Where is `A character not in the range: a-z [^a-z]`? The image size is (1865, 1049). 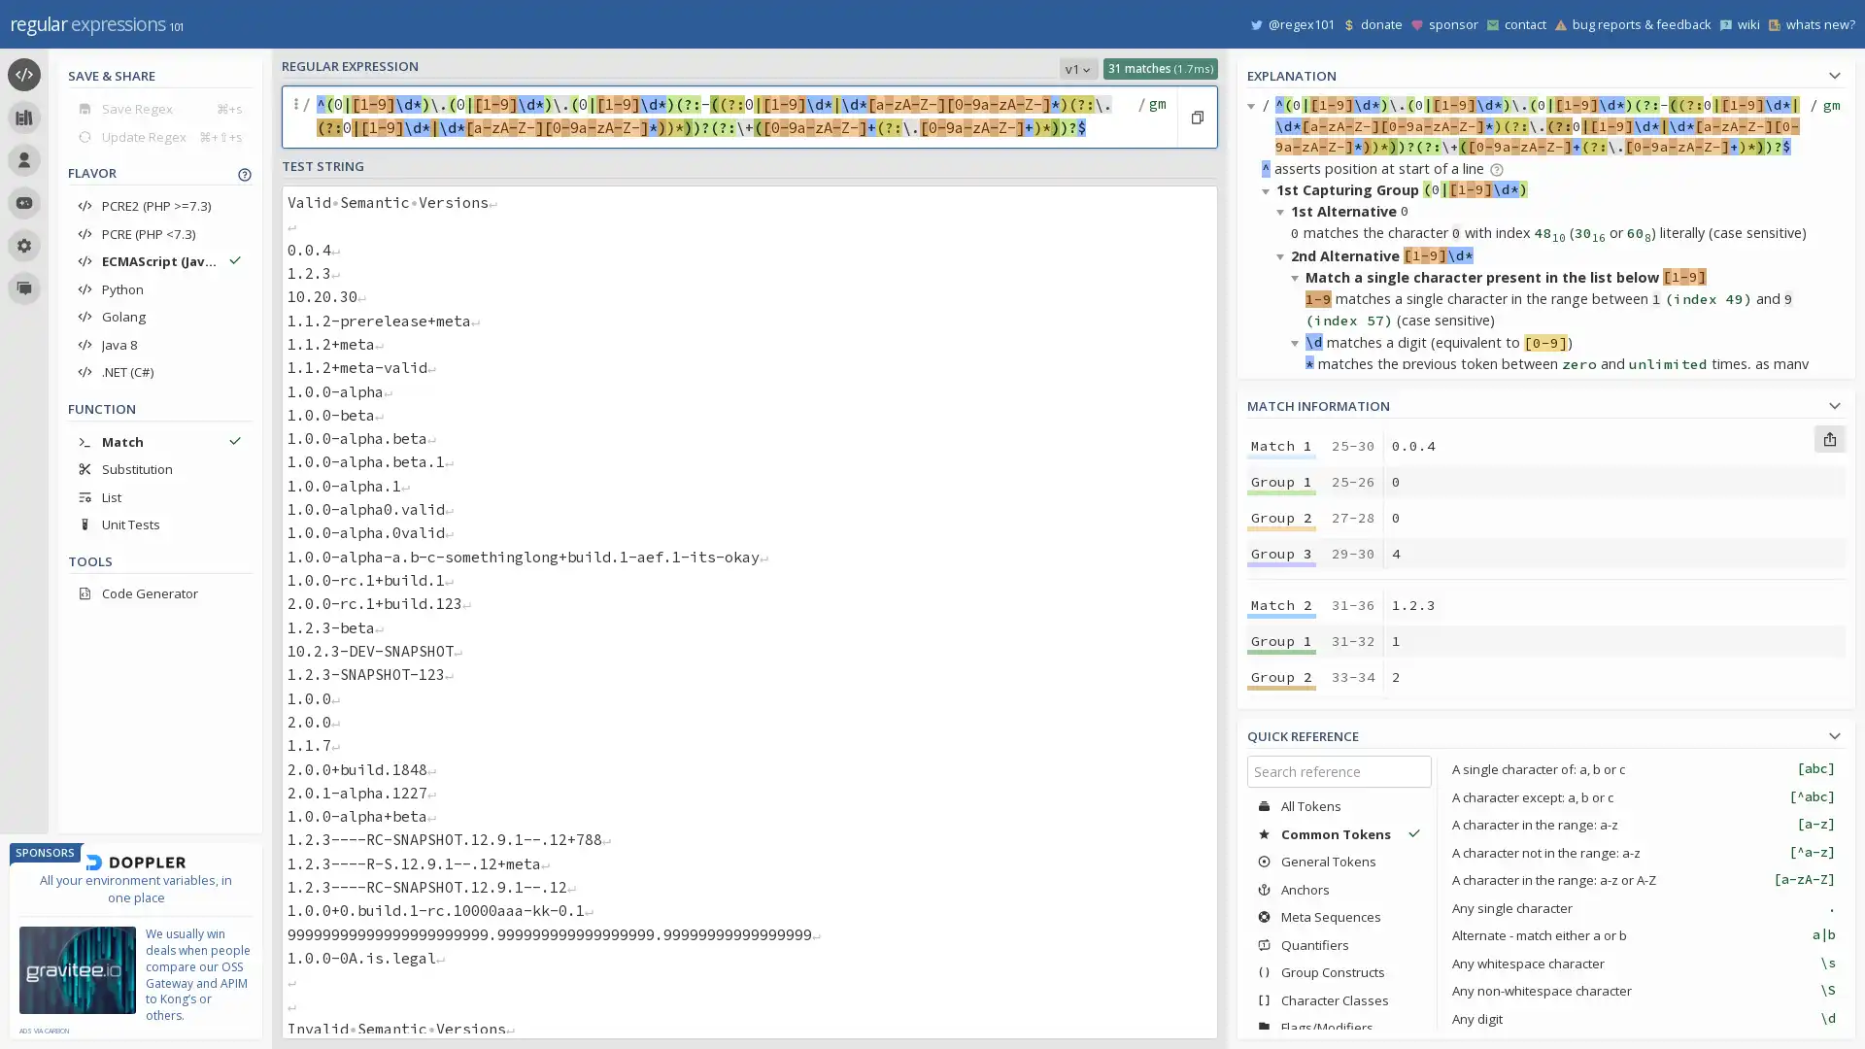 A character not in the range: a-z [^a-z] is located at coordinates (1643, 851).